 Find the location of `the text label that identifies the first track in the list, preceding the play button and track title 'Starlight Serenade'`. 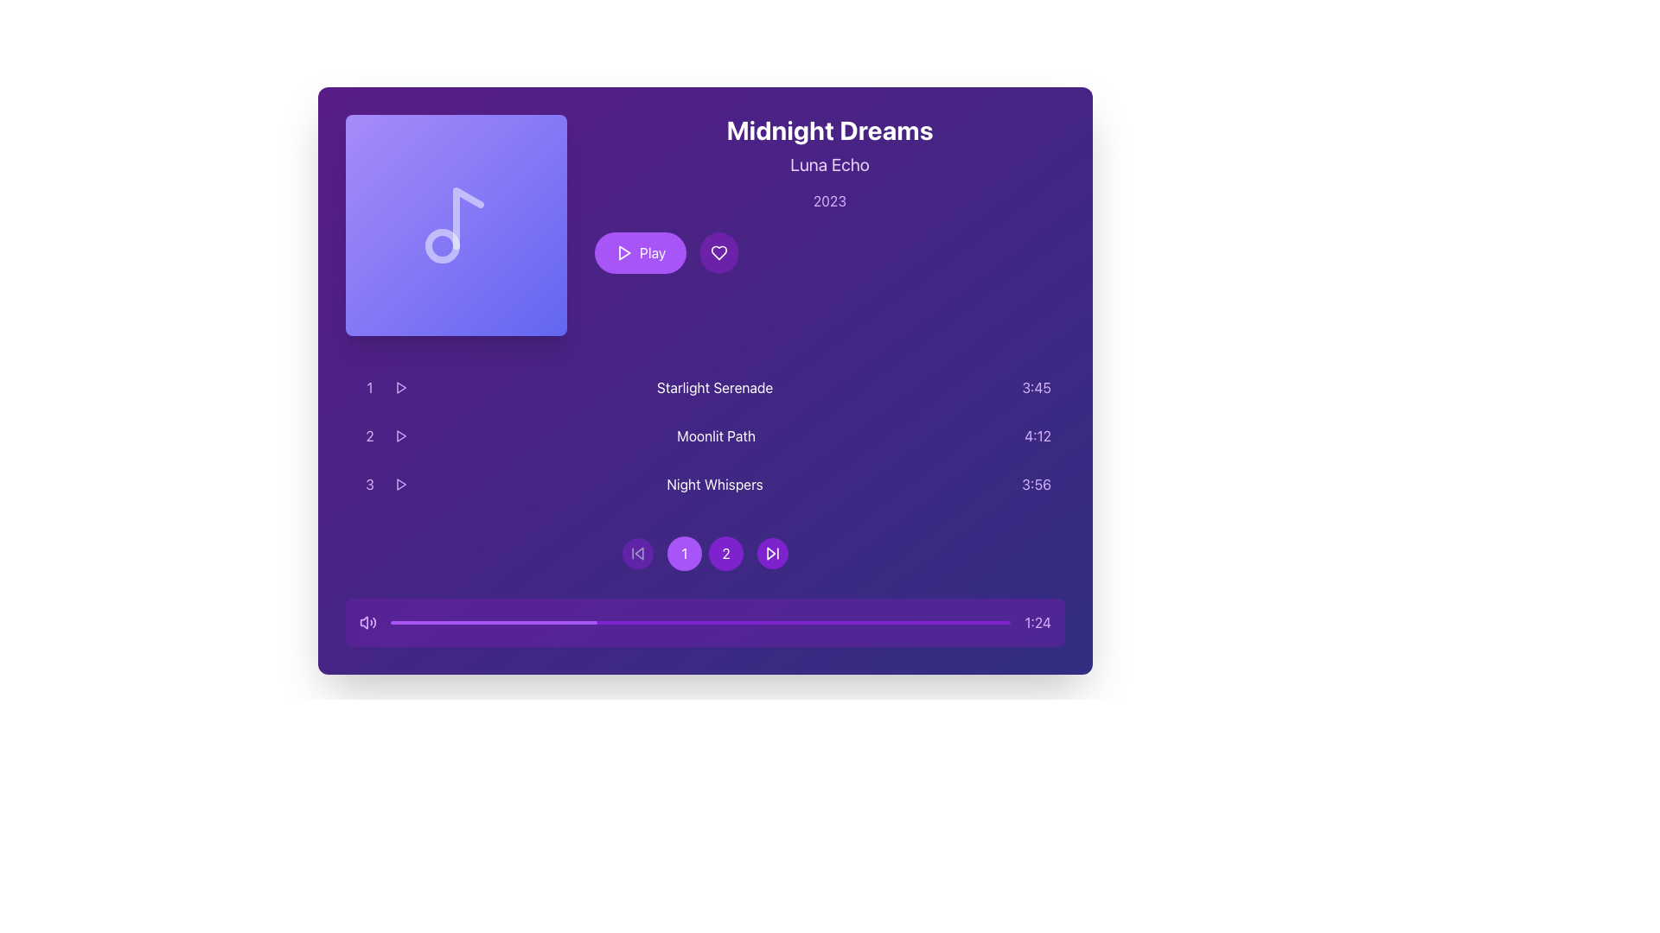

the text label that identifies the first track in the list, preceding the play button and track title 'Starlight Serenade' is located at coordinates (368, 386).